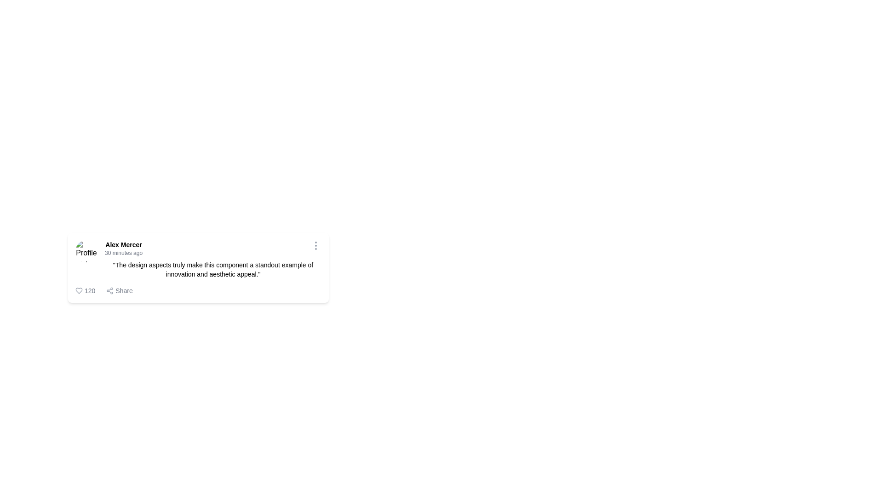 The image size is (883, 497). What do you see at coordinates (85, 291) in the screenshot?
I see `the Interactive count display with a heart icon and text` at bounding box center [85, 291].